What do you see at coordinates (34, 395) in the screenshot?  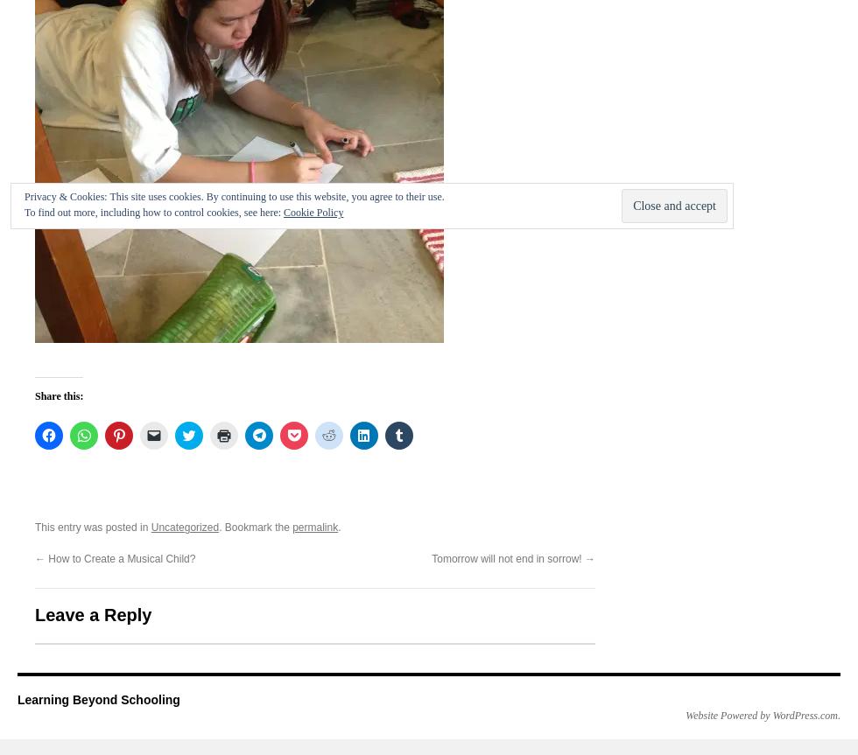 I see `'Share this:'` at bounding box center [34, 395].